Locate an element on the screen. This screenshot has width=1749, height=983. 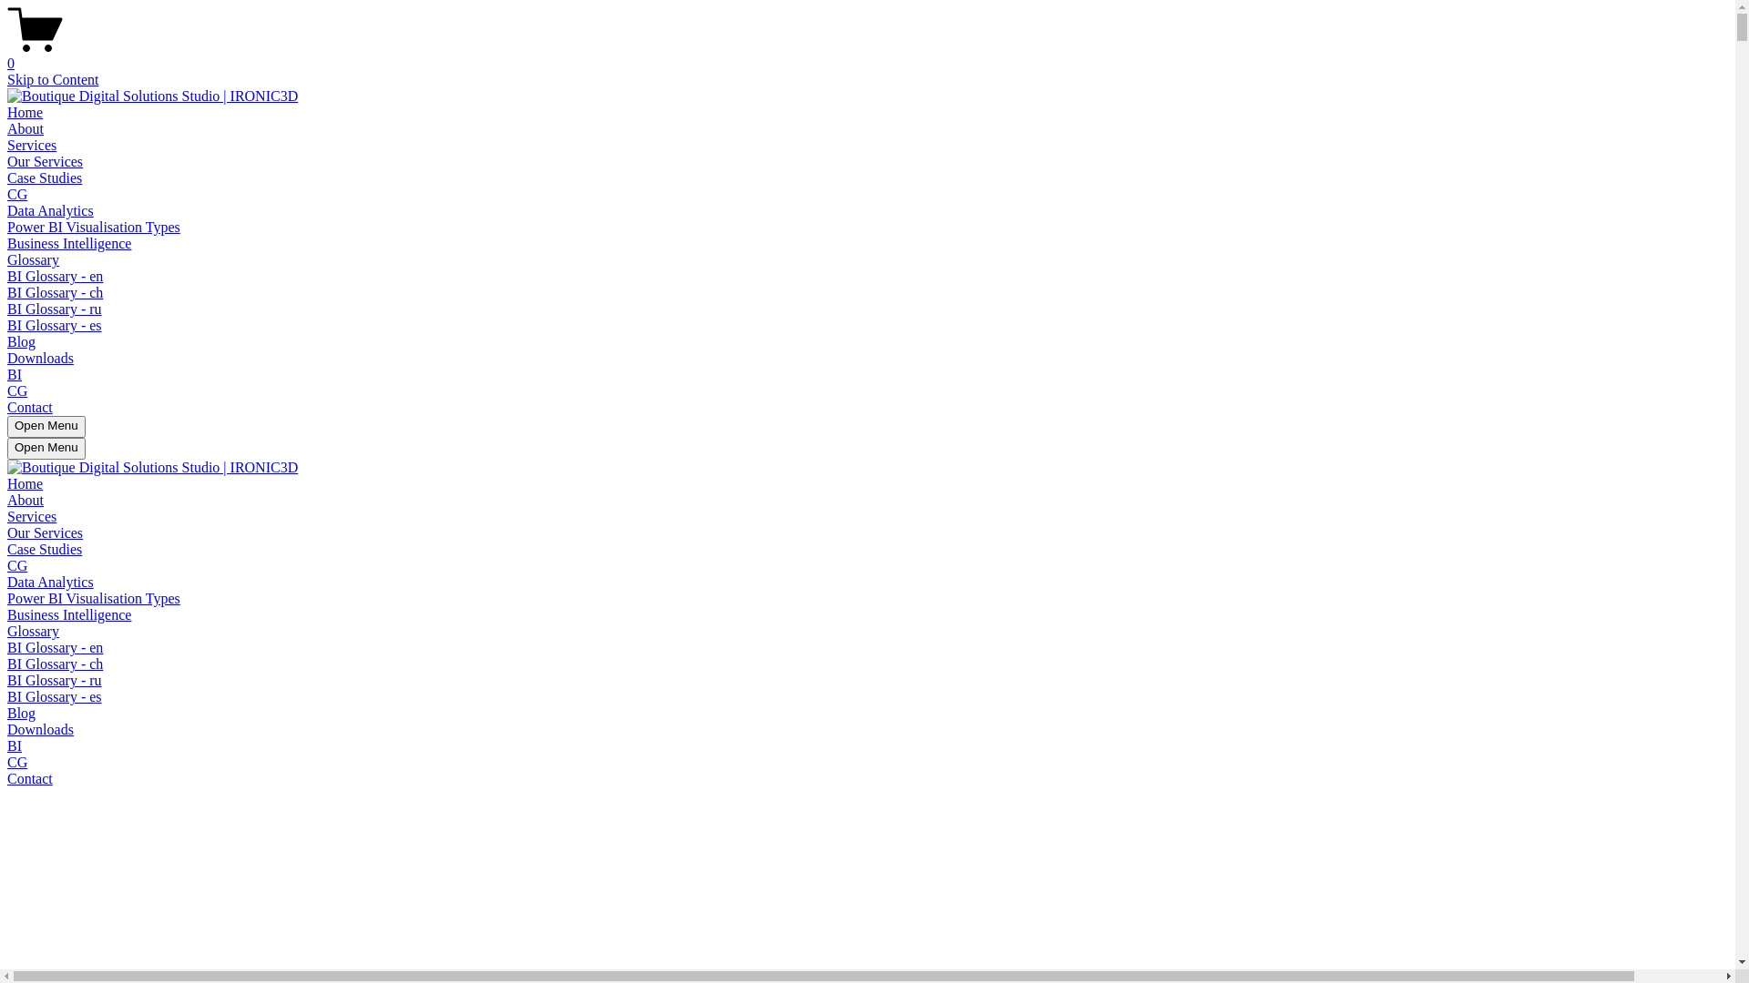
'About' is located at coordinates (26, 500).